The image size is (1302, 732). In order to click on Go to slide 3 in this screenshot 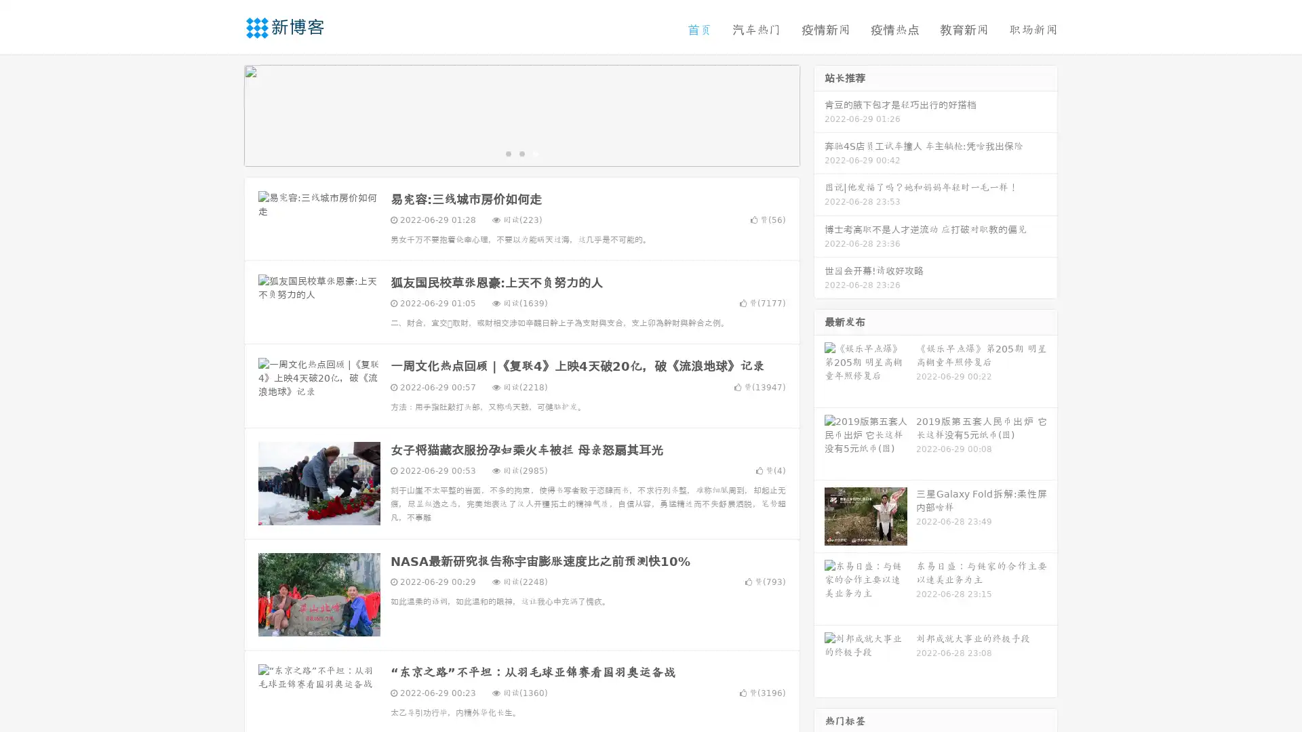, I will do `click(535, 152)`.